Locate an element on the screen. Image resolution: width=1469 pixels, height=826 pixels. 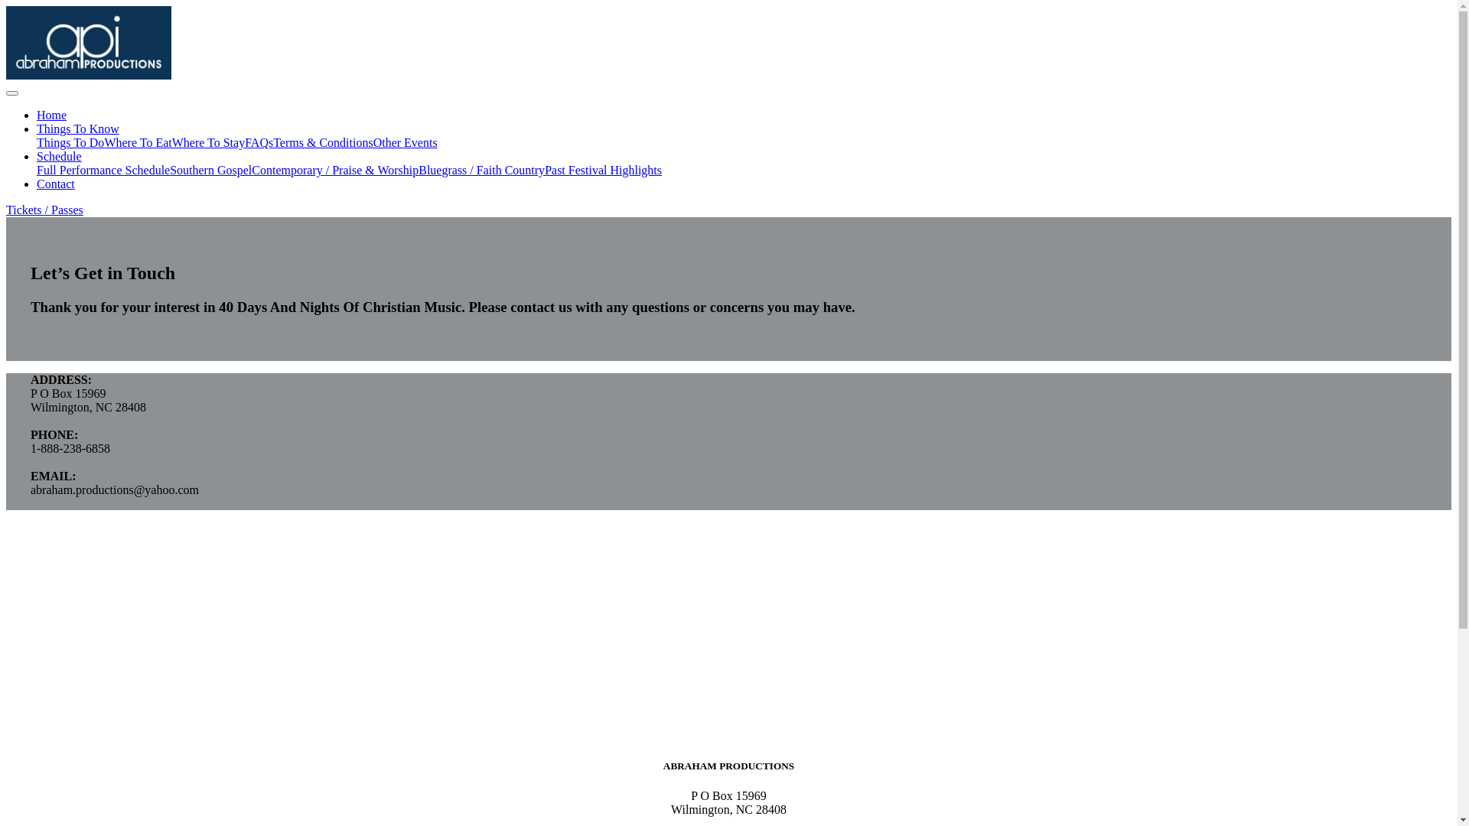
'Schedule' is located at coordinates (59, 156).